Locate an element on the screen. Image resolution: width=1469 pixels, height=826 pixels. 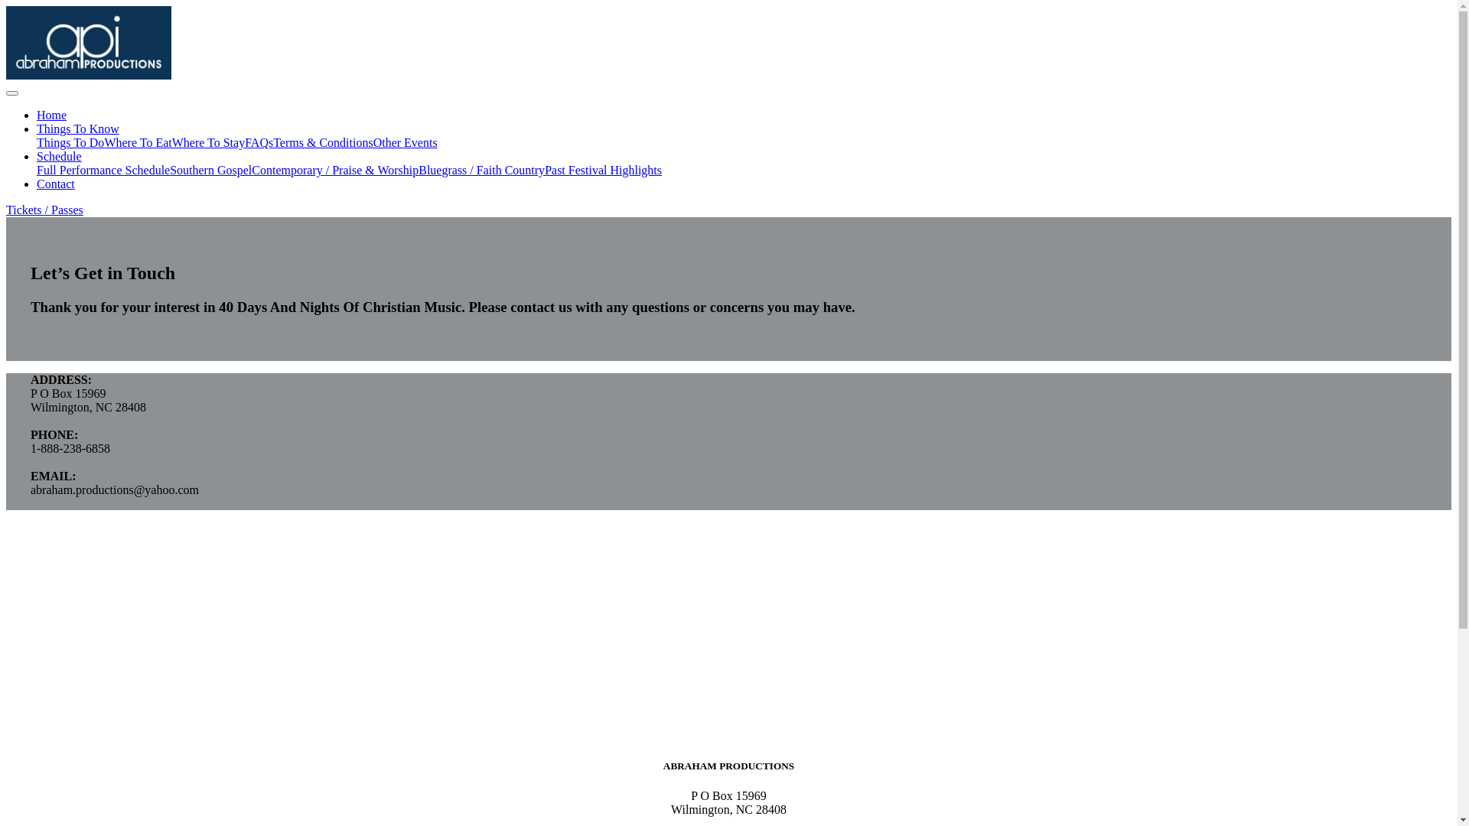
'Schedule' is located at coordinates (59, 156).